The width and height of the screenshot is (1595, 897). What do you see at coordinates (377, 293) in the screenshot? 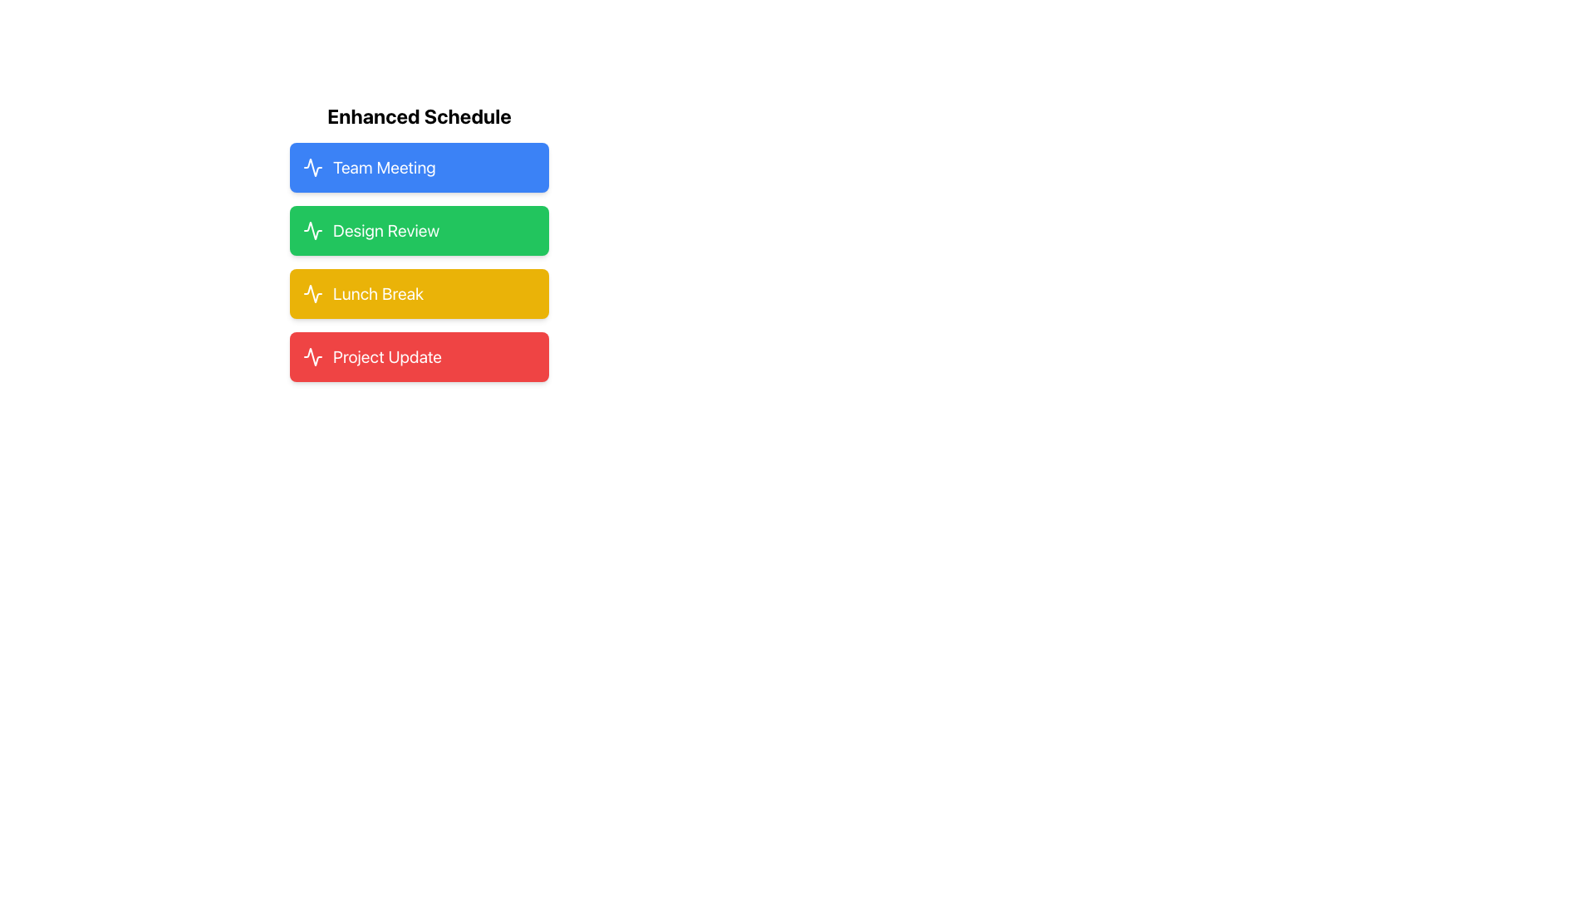
I see `the text label indicating 'Lunch Break', which is positioned third in a vertical list under 'Team Meeting' and 'Design Review', and above 'Project Update', located within a yellow rounded rectangular panel` at bounding box center [377, 293].